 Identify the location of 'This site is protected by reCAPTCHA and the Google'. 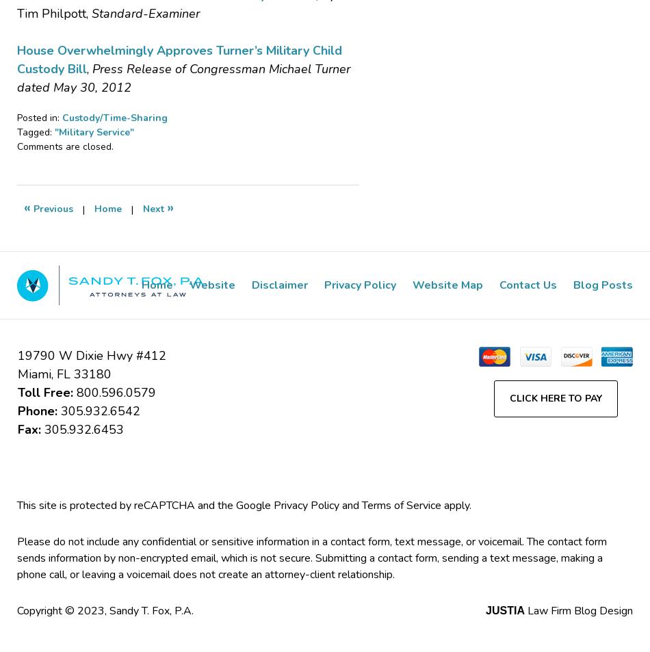
(145, 505).